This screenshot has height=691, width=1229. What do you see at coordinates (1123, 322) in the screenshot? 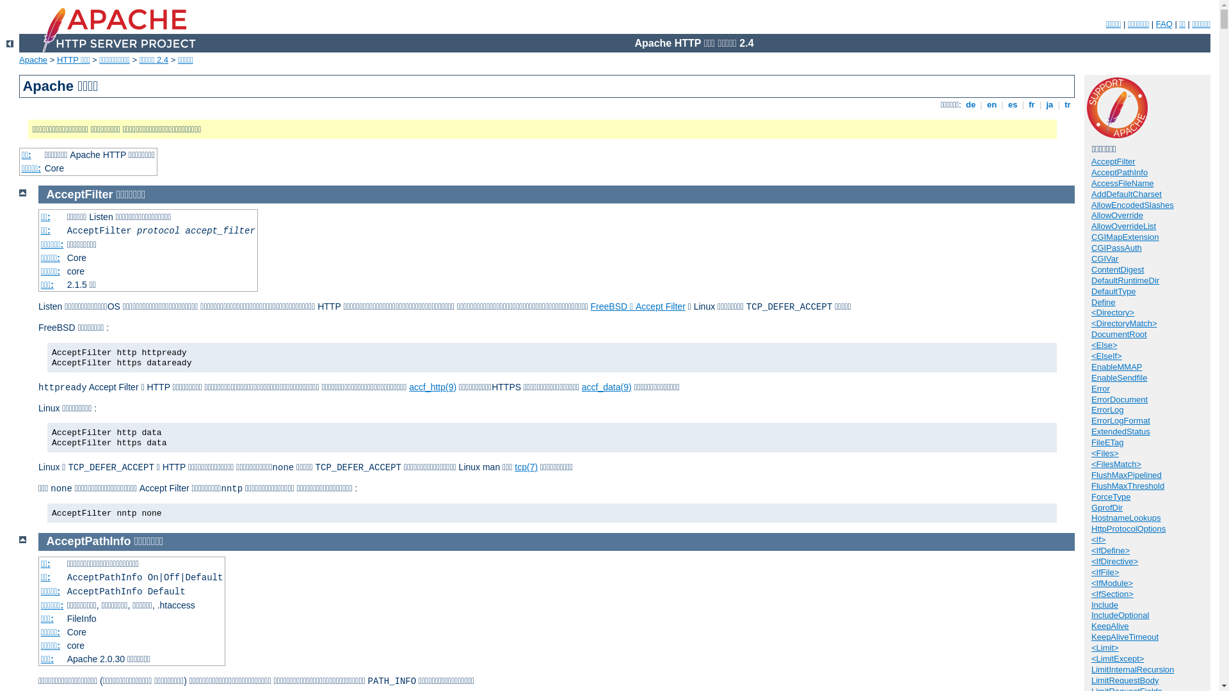
I see `'<DirectoryMatch>'` at bounding box center [1123, 322].